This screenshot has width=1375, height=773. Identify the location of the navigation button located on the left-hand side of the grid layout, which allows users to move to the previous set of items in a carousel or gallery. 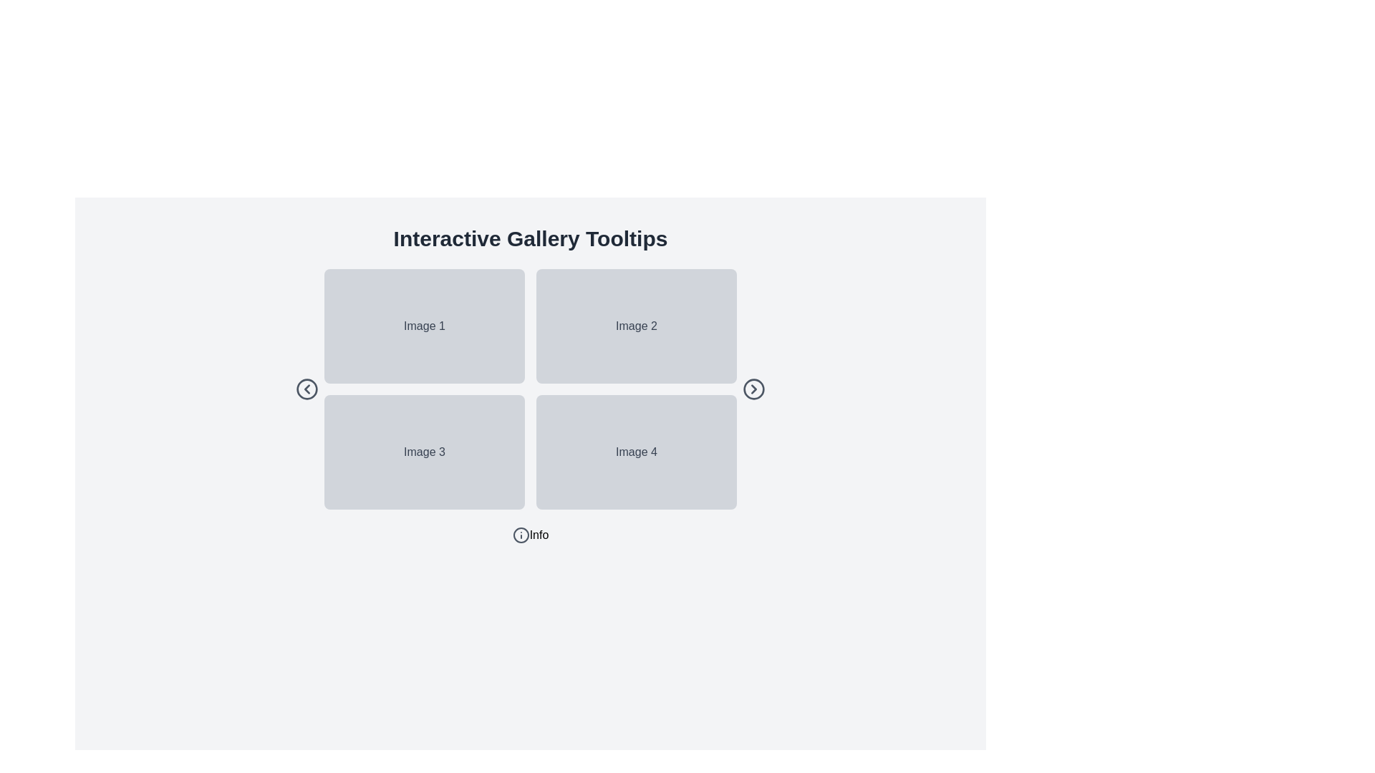
(306, 389).